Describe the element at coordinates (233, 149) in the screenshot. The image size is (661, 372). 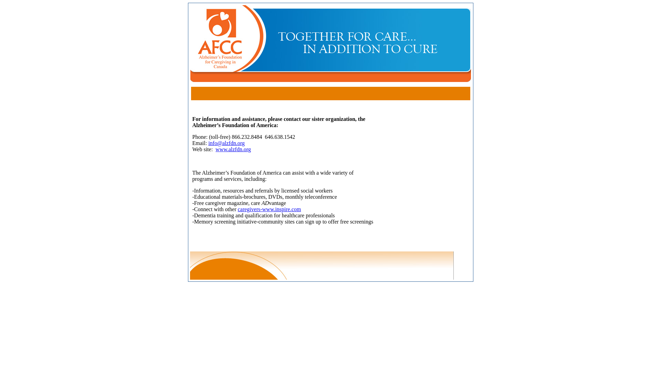
I see `'www.alzfdn.org'` at that location.